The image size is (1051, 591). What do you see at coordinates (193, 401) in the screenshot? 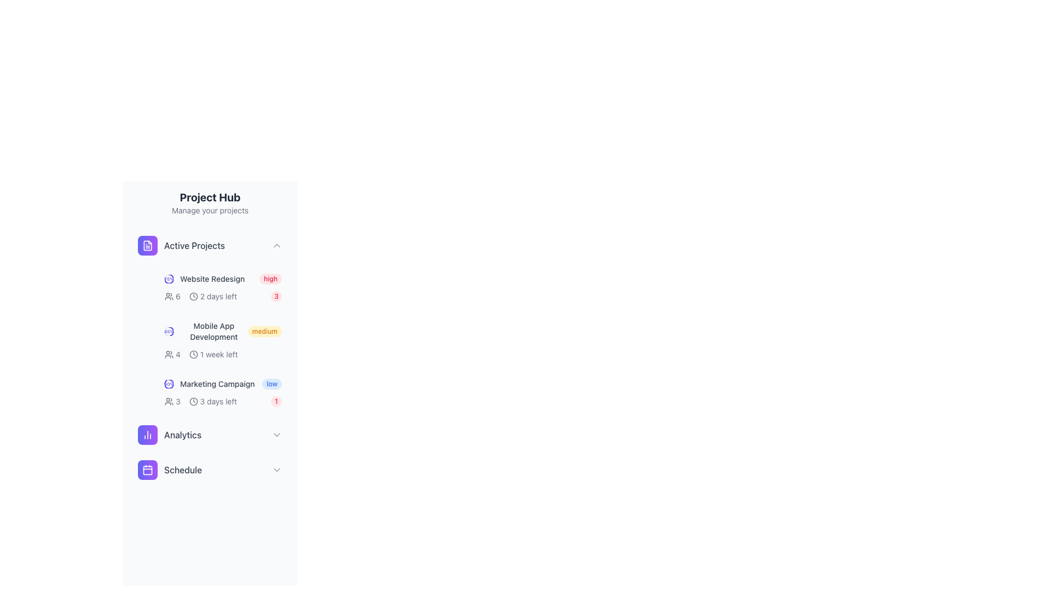
I see `the circular outer part of the clock icon located to the left of the '3 days left' text in the 'Marketing Campaign' entry of the active projects list` at bounding box center [193, 401].